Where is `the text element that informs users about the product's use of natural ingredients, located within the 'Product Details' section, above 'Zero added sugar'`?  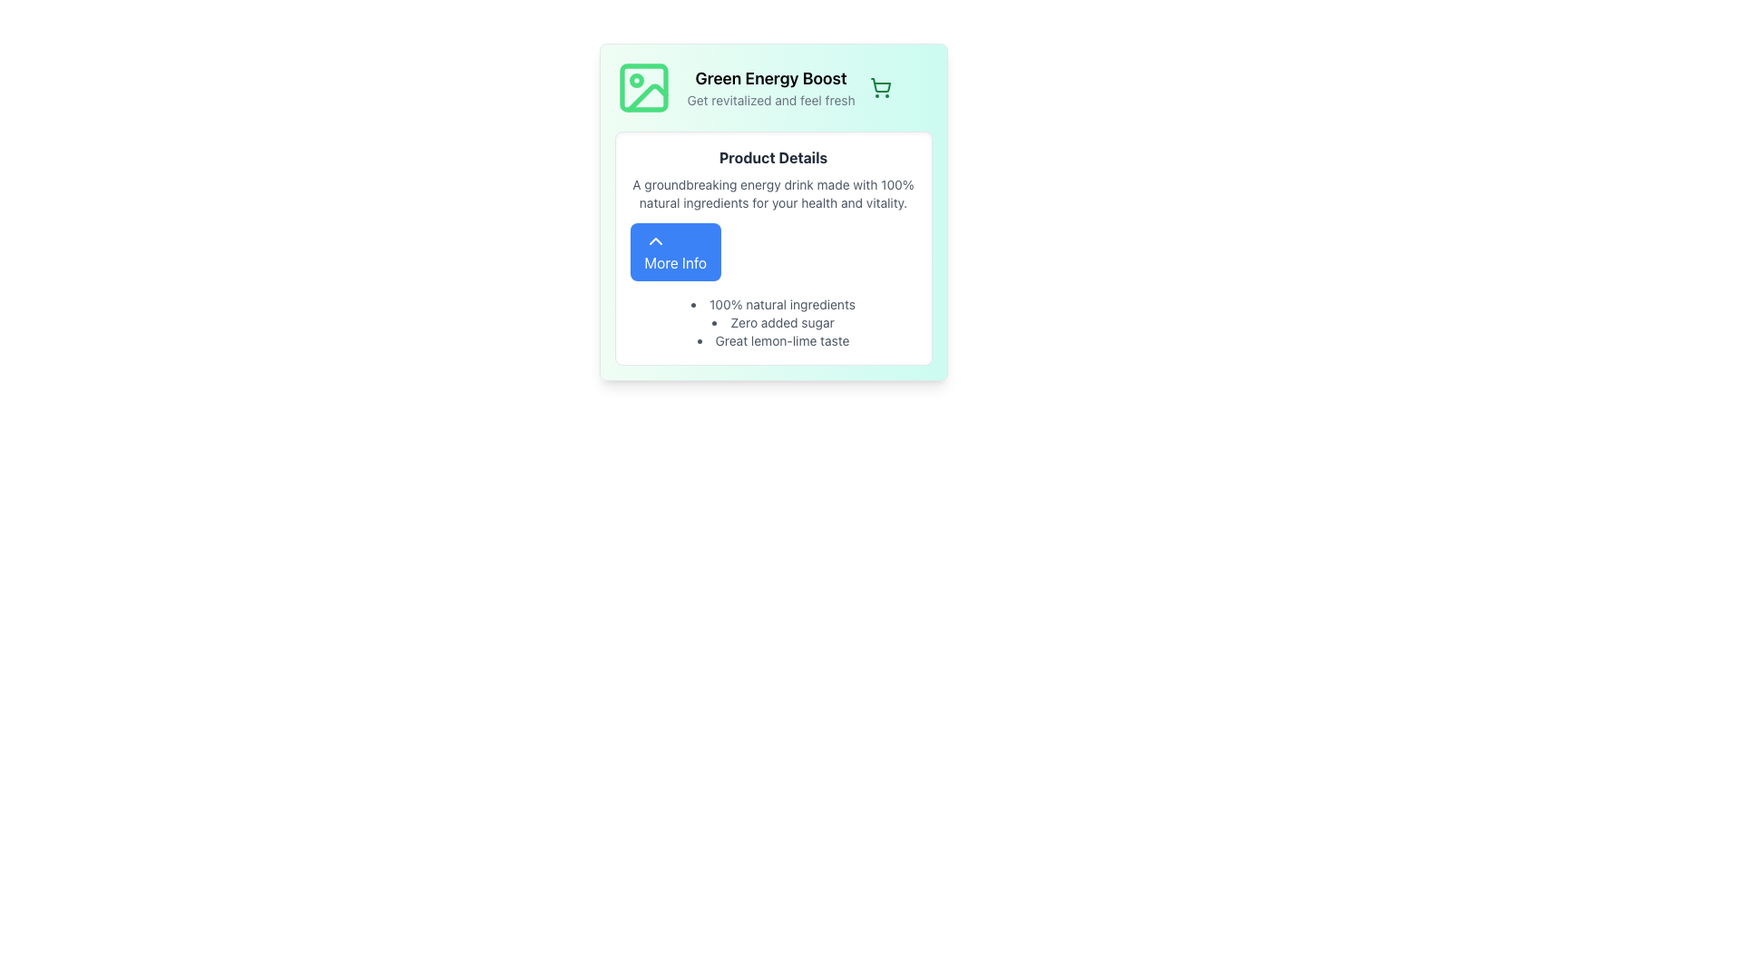
the text element that informs users about the product's use of natural ingredients, located within the 'Product Details' section, above 'Zero added sugar' is located at coordinates (773, 303).